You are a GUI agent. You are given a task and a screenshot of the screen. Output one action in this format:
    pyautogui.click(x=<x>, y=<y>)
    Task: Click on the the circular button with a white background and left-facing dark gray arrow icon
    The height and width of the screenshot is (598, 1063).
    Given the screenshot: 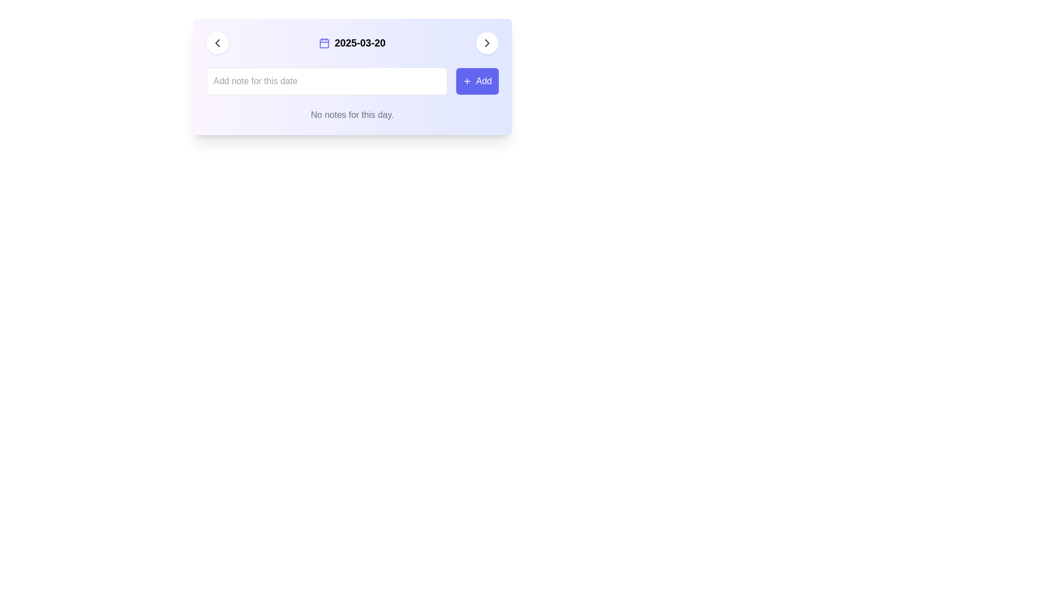 What is the action you would take?
    pyautogui.click(x=217, y=42)
    